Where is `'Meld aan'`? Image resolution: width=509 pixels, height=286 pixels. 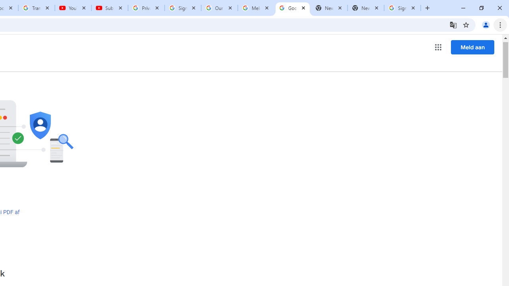
'Meld aan' is located at coordinates (472, 47).